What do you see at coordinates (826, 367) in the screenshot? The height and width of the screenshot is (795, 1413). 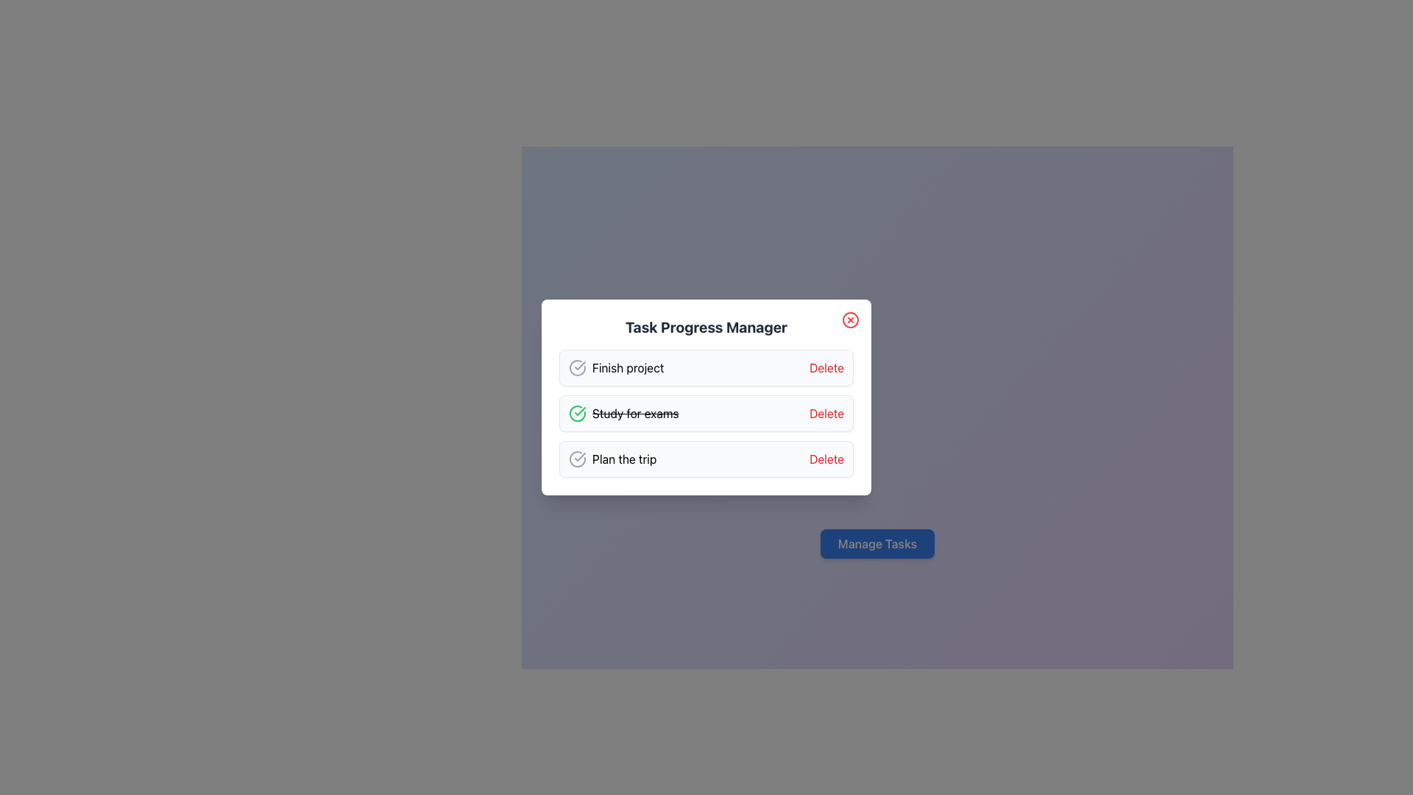 I see `the 'Delete' button styled in red, located to the right of the 'Finish project' text, to observe the color change effect` at bounding box center [826, 367].